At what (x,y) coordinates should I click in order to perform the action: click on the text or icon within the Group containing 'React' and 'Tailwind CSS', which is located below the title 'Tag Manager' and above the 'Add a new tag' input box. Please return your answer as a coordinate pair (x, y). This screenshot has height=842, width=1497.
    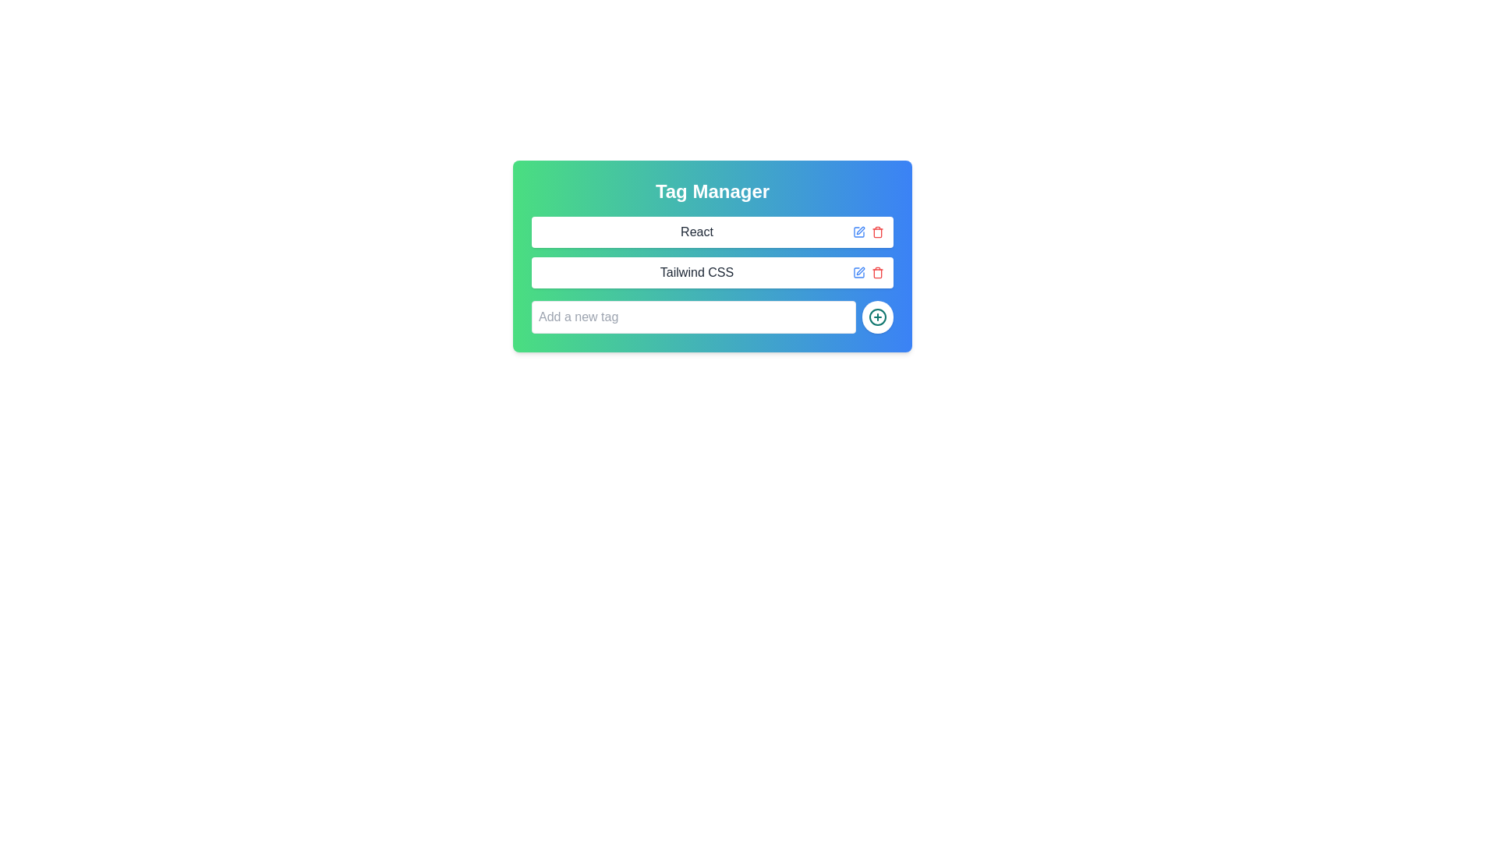
    Looking at the image, I should click on (711, 252).